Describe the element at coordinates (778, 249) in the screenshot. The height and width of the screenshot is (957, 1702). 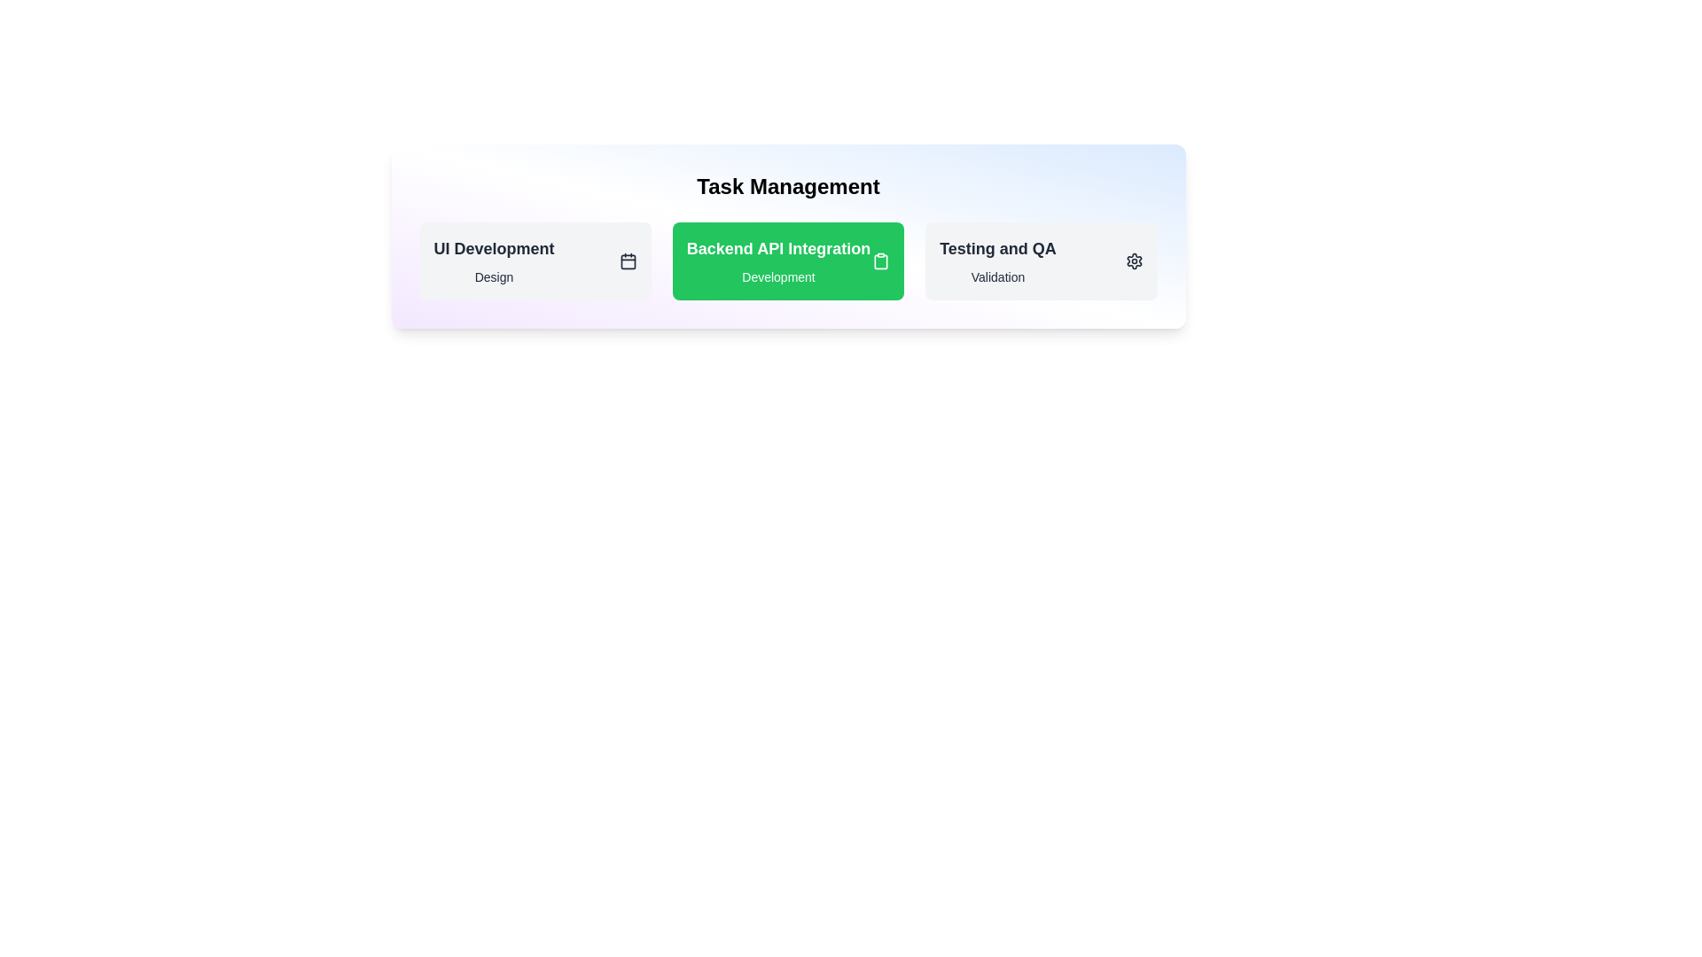
I see `the task details for the task with title 'Backend API Integration'` at that location.